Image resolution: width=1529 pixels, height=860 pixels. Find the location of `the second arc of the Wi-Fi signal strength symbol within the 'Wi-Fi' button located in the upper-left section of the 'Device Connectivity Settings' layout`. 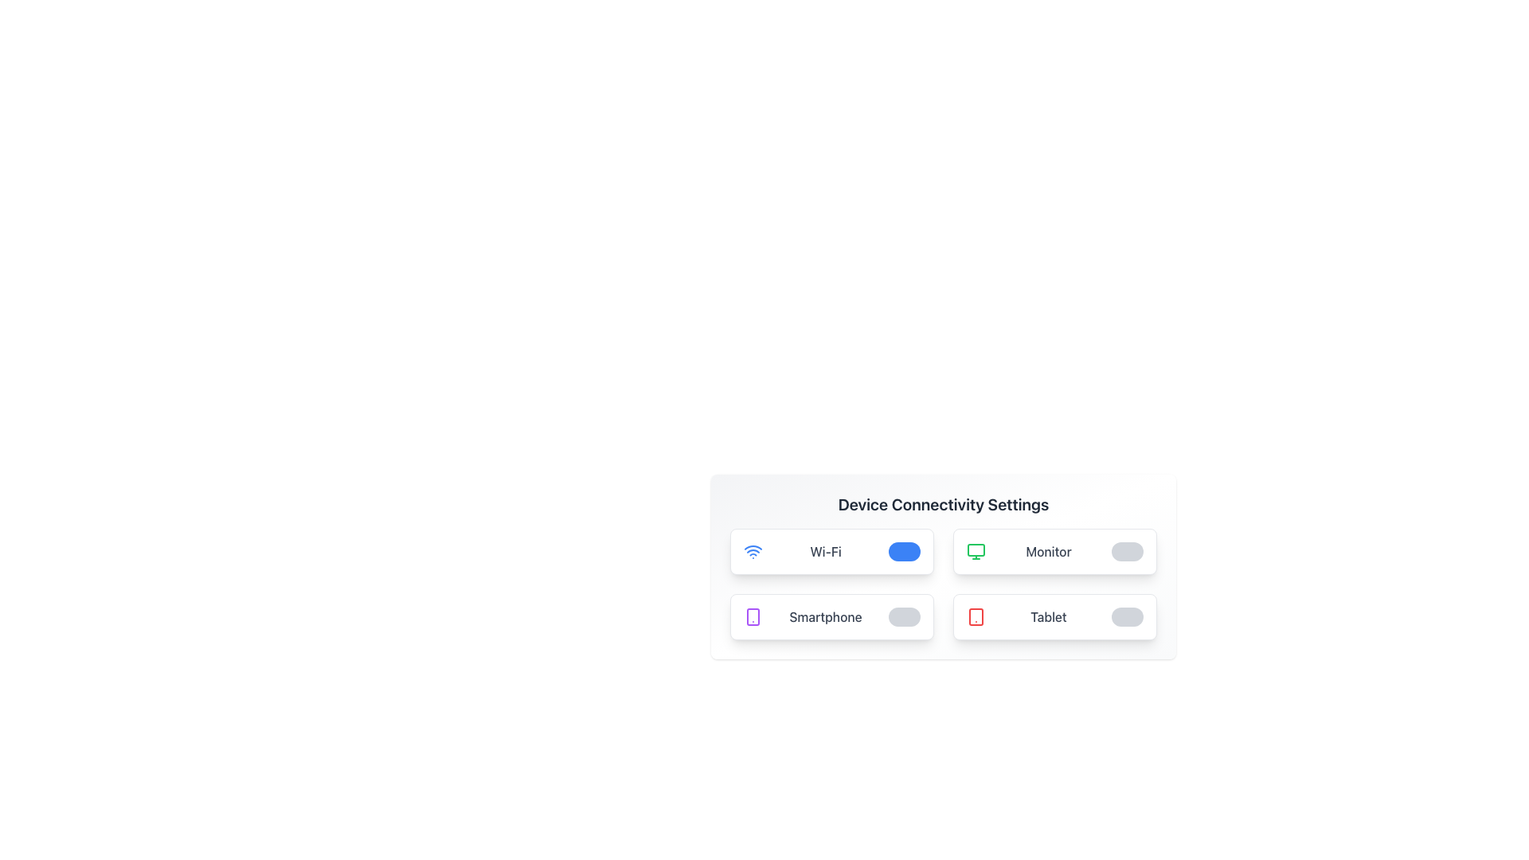

the second arc of the Wi-Fi signal strength symbol within the 'Wi-Fi' button located in the upper-left section of the 'Device Connectivity Settings' layout is located at coordinates (752, 545).